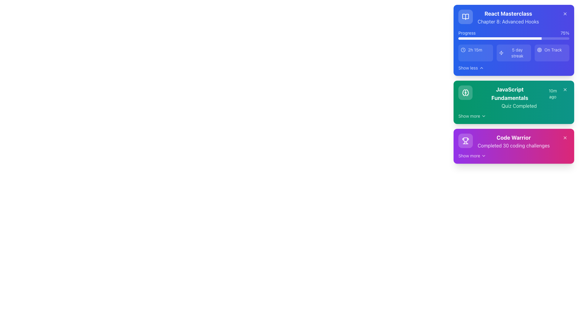  What do you see at coordinates (475, 49) in the screenshot?
I see `the label with a clock icon that indicates '2h 15m'` at bounding box center [475, 49].